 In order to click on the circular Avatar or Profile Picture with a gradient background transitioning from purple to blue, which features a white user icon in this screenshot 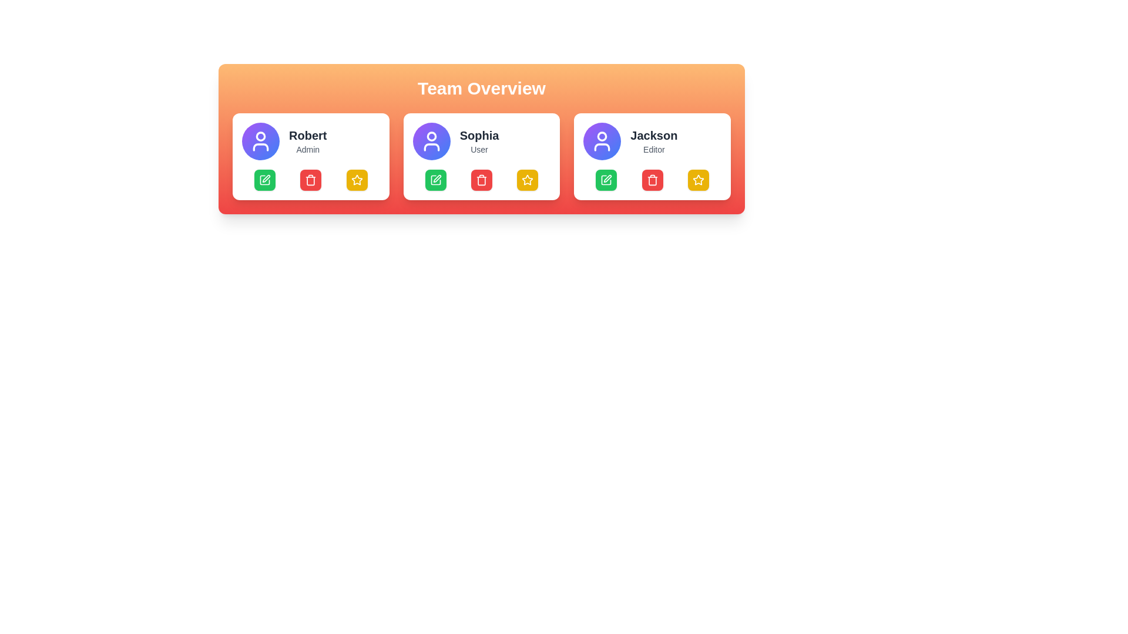, I will do `click(260, 140)`.